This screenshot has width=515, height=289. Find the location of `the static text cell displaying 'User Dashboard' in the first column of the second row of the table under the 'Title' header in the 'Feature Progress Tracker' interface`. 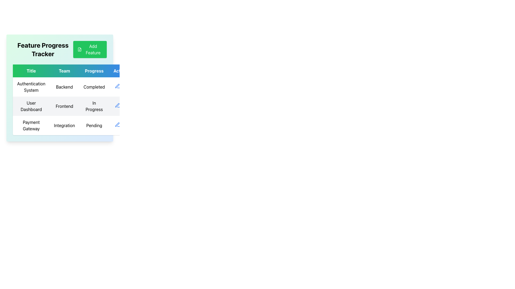

the static text cell displaying 'User Dashboard' in the first column of the second row of the table under the 'Title' header in the 'Feature Progress Tracker' interface is located at coordinates (31, 106).